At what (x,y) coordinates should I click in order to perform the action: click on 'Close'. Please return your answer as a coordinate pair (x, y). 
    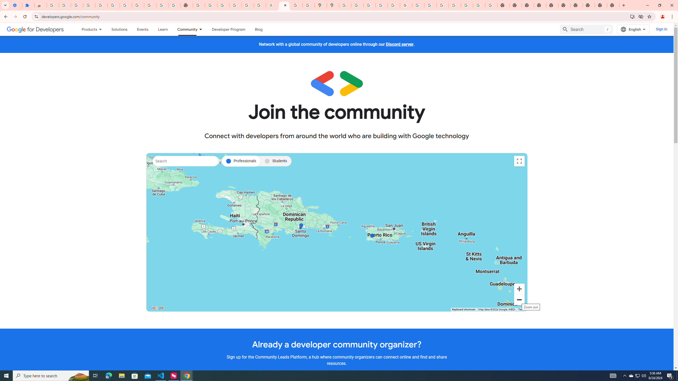
    Looking at the image, I should click on (285, 5).